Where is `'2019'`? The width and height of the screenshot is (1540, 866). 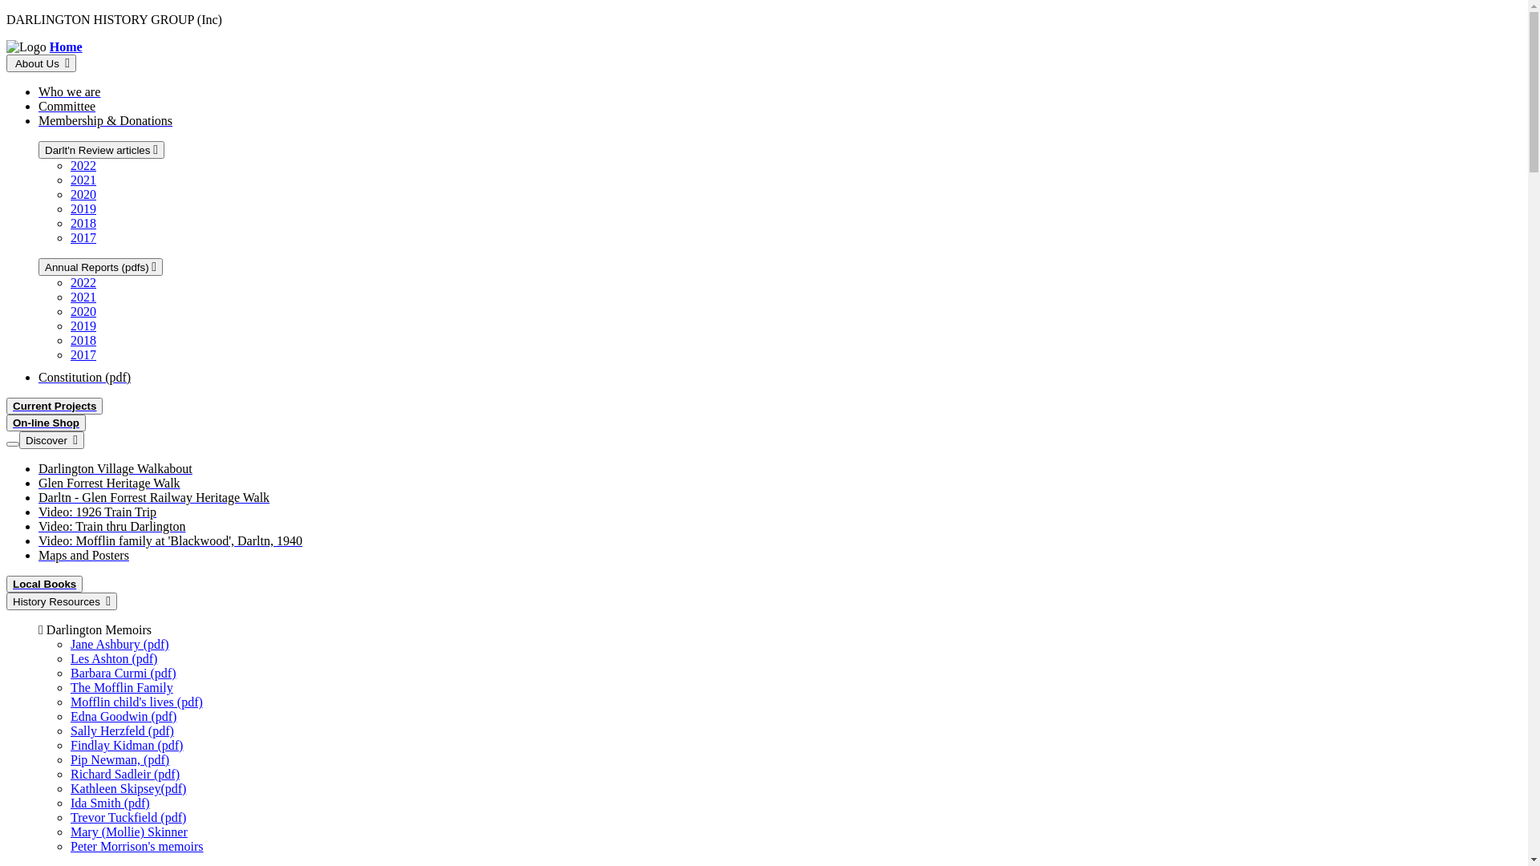
'2019' is located at coordinates (83, 208).